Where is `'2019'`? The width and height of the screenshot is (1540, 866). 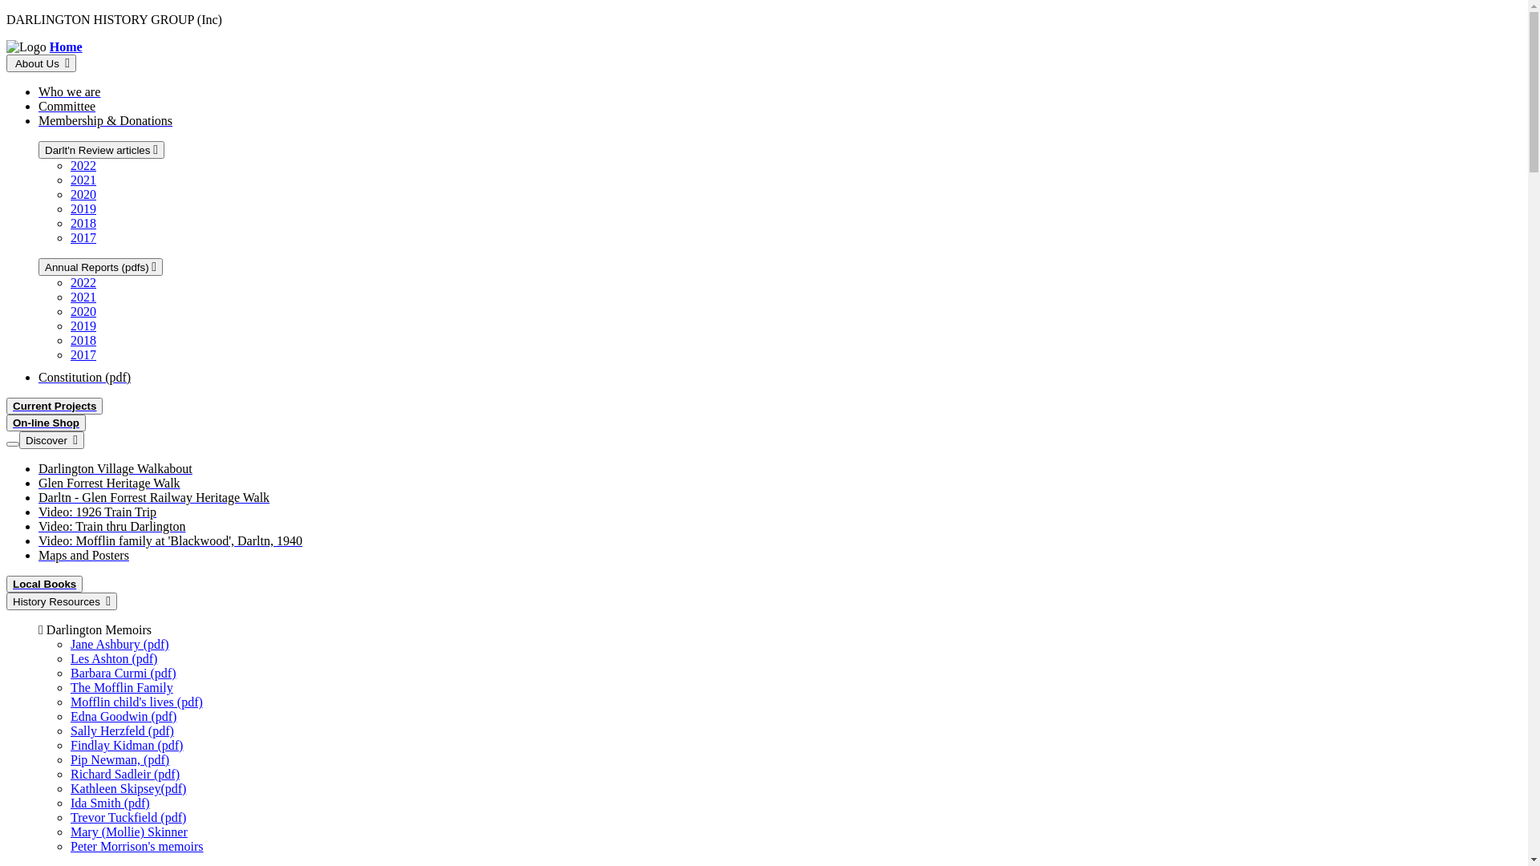
'2019' is located at coordinates (83, 208).